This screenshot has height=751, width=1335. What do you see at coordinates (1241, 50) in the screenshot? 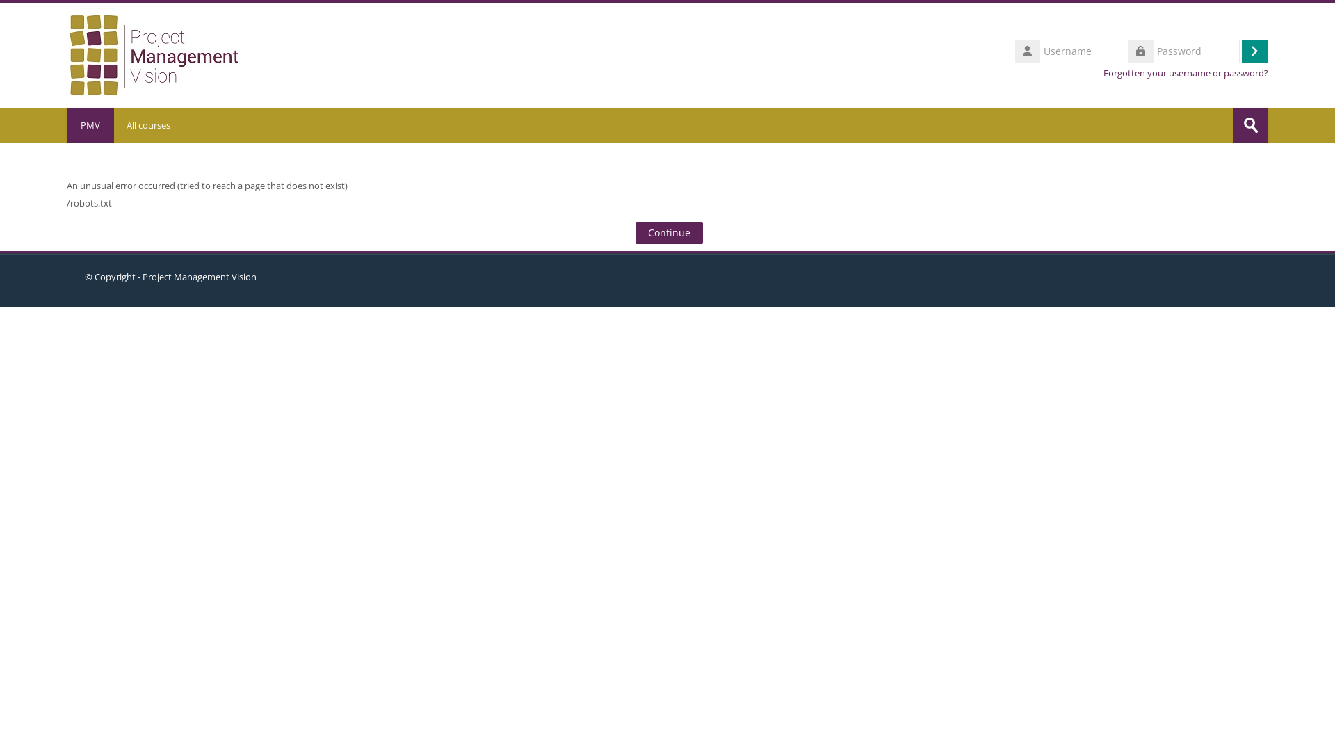
I see `'Log in'` at bounding box center [1241, 50].